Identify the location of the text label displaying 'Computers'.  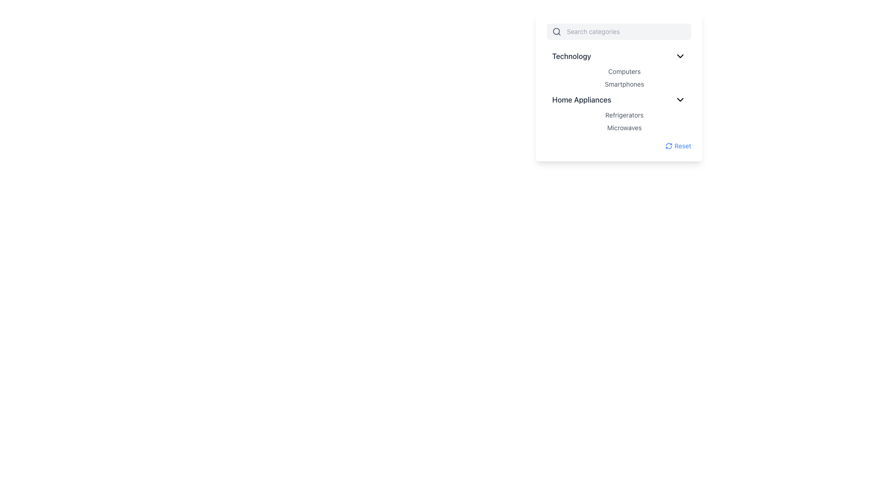
(624, 71).